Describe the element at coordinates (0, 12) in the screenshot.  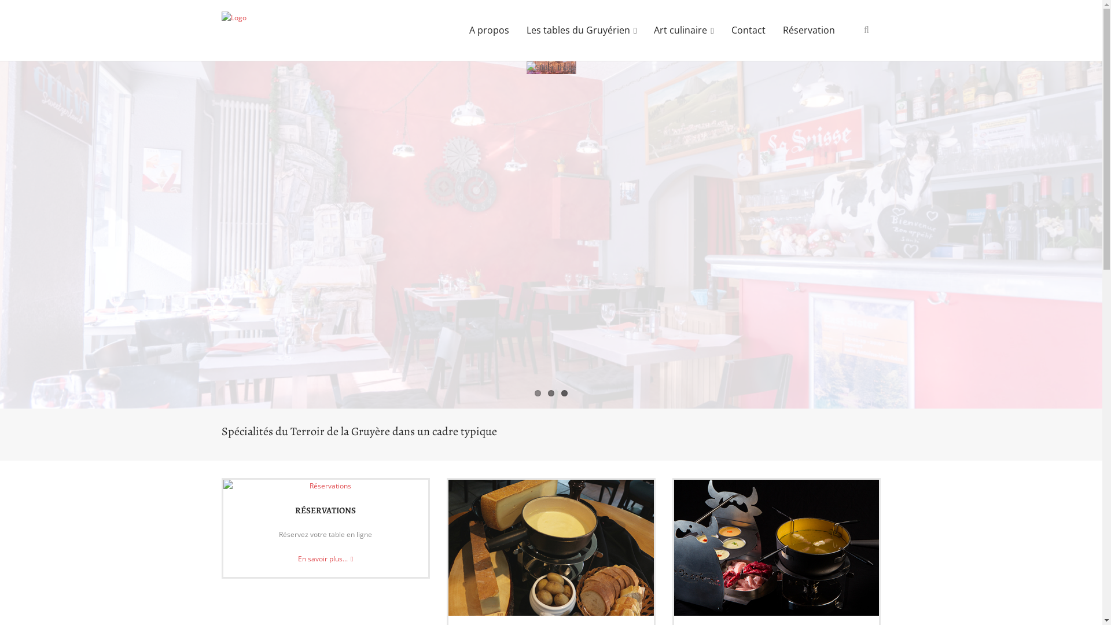
I see `'Search'` at that location.